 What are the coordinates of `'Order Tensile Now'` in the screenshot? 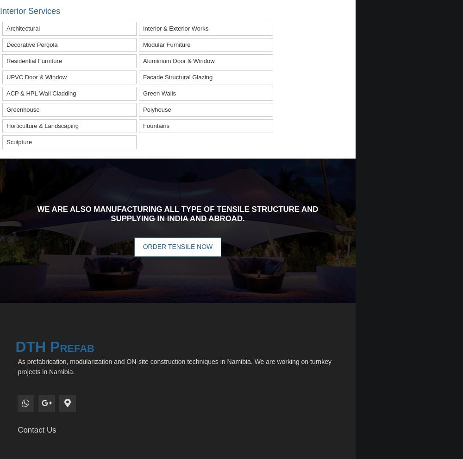 It's located at (177, 246).